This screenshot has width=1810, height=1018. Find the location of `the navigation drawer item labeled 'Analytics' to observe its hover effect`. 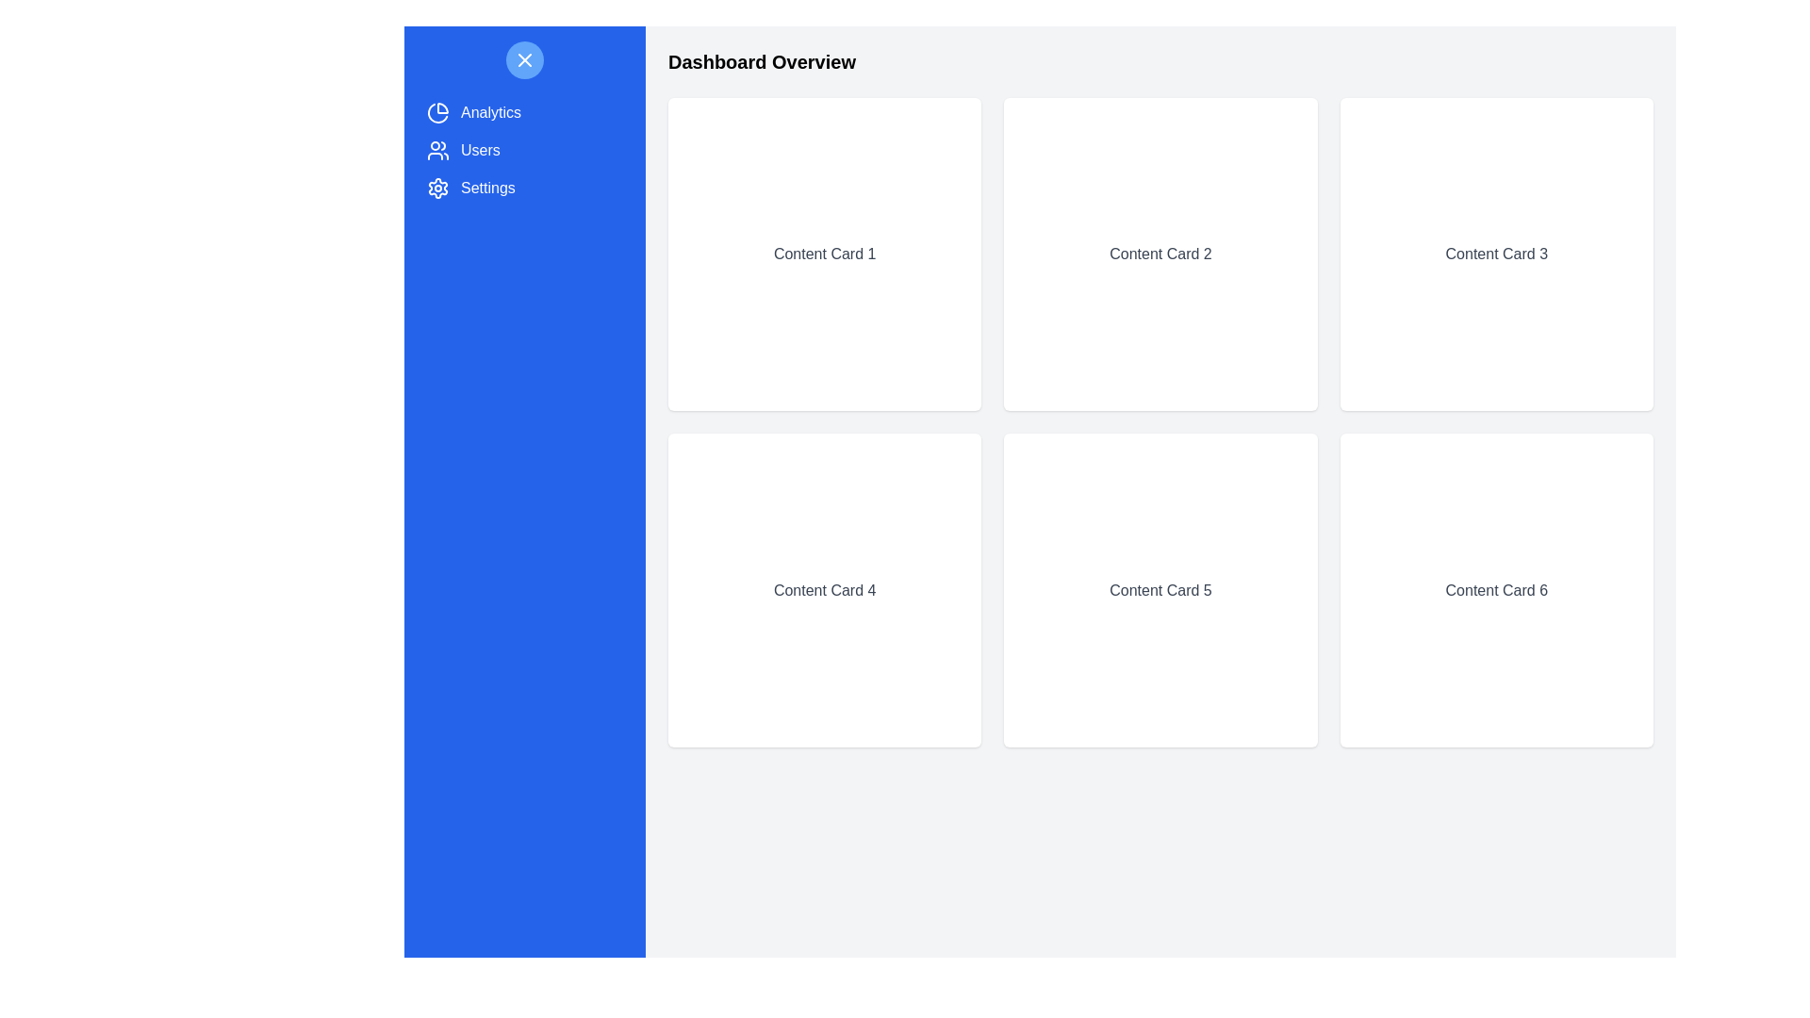

the navigation drawer item labeled 'Analytics' to observe its hover effect is located at coordinates (524, 112).